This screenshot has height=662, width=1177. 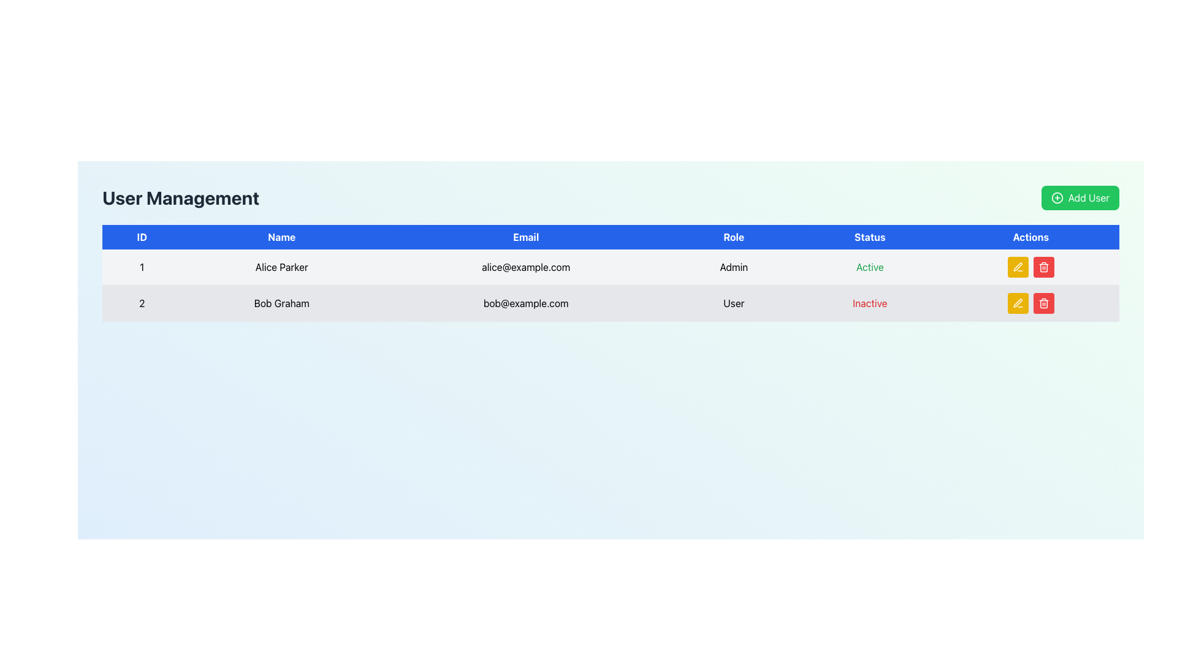 I want to click on the status indicator text label for user 'Bob Graham', which shows that he is inactive, located in the second row of the status column in the tabular section, so click(x=869, y=303).